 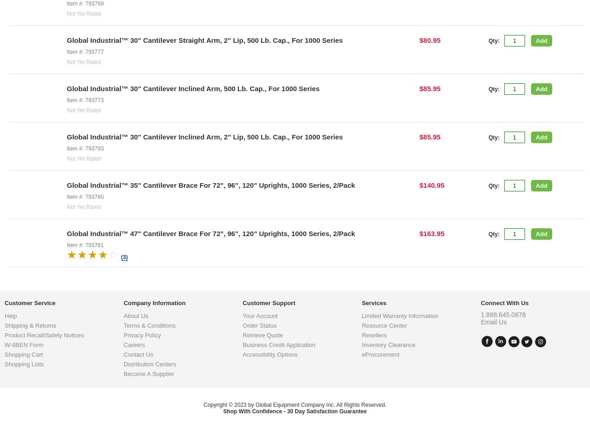 What do you see at coordinates (374, 409) in the screenshot?
I see `'Resellers'` at bounding box center [374, 409].